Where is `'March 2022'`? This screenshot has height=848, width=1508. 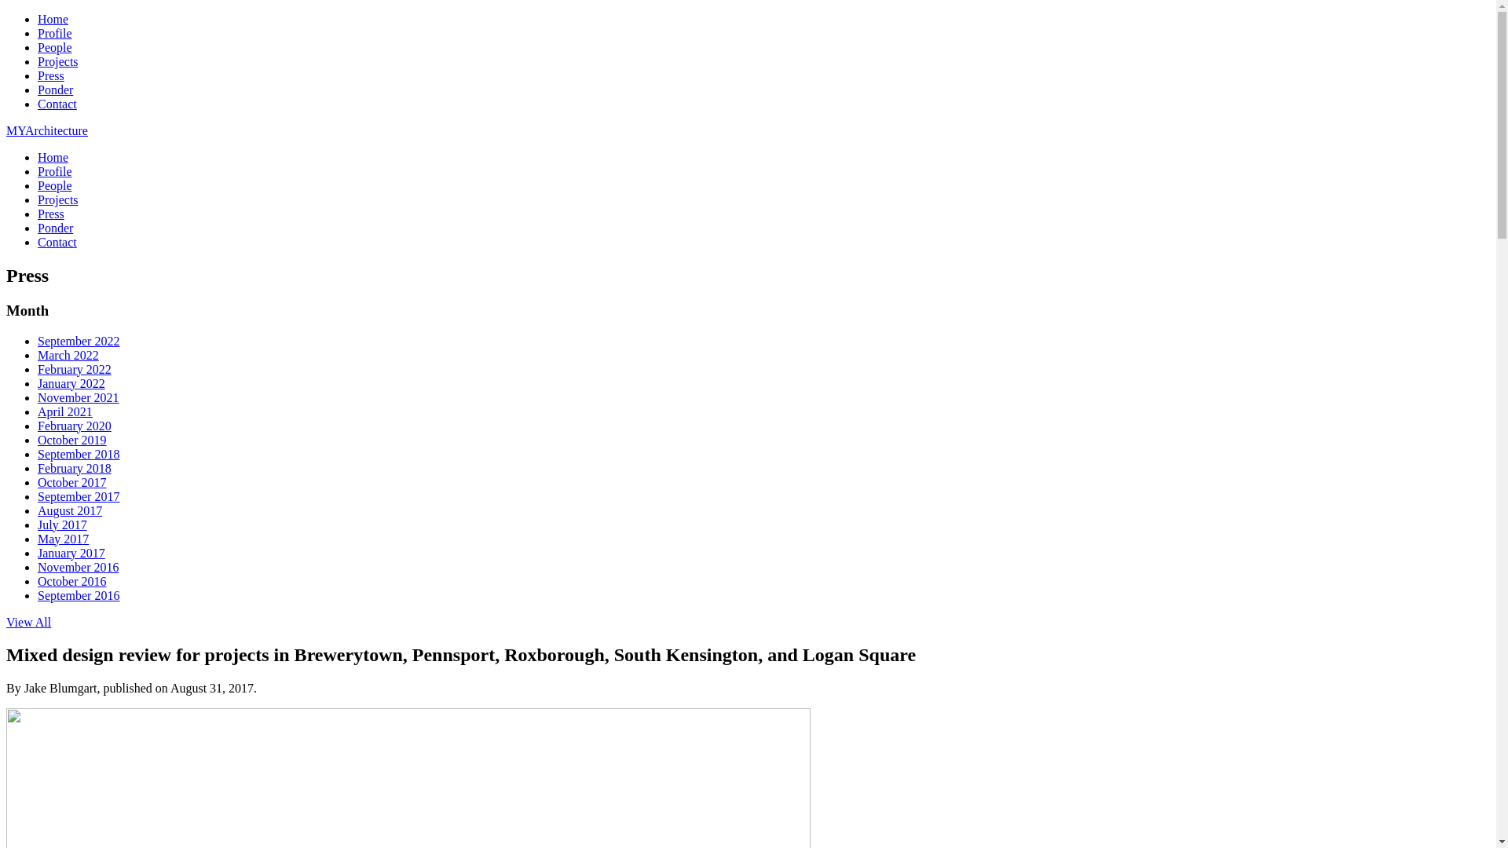 'March 2022' is located at coordinates (67, 355).